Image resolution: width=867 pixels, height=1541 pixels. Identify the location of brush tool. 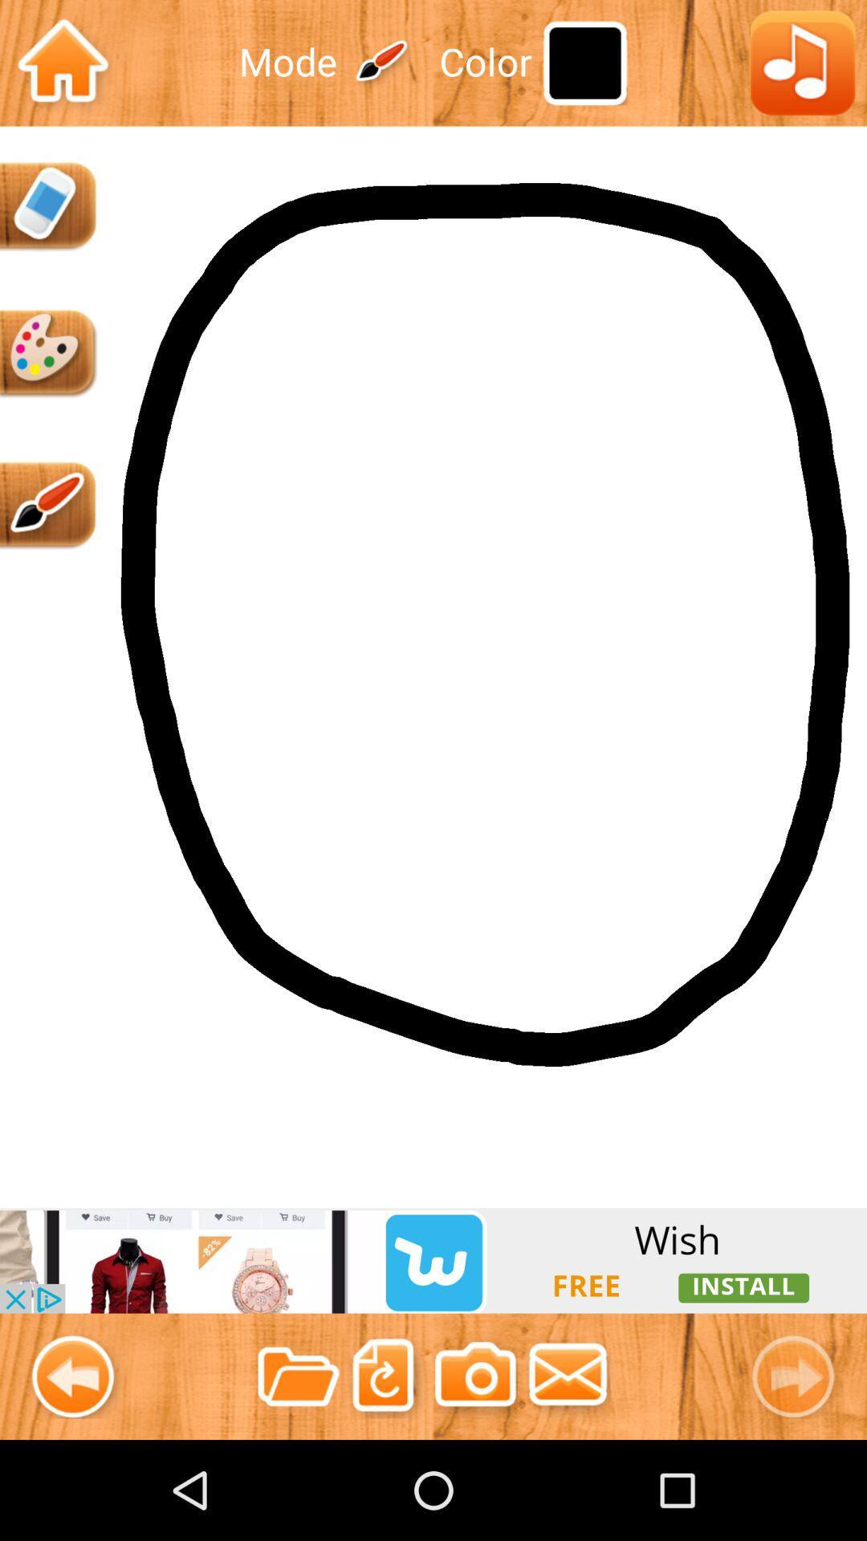
(49, 505).